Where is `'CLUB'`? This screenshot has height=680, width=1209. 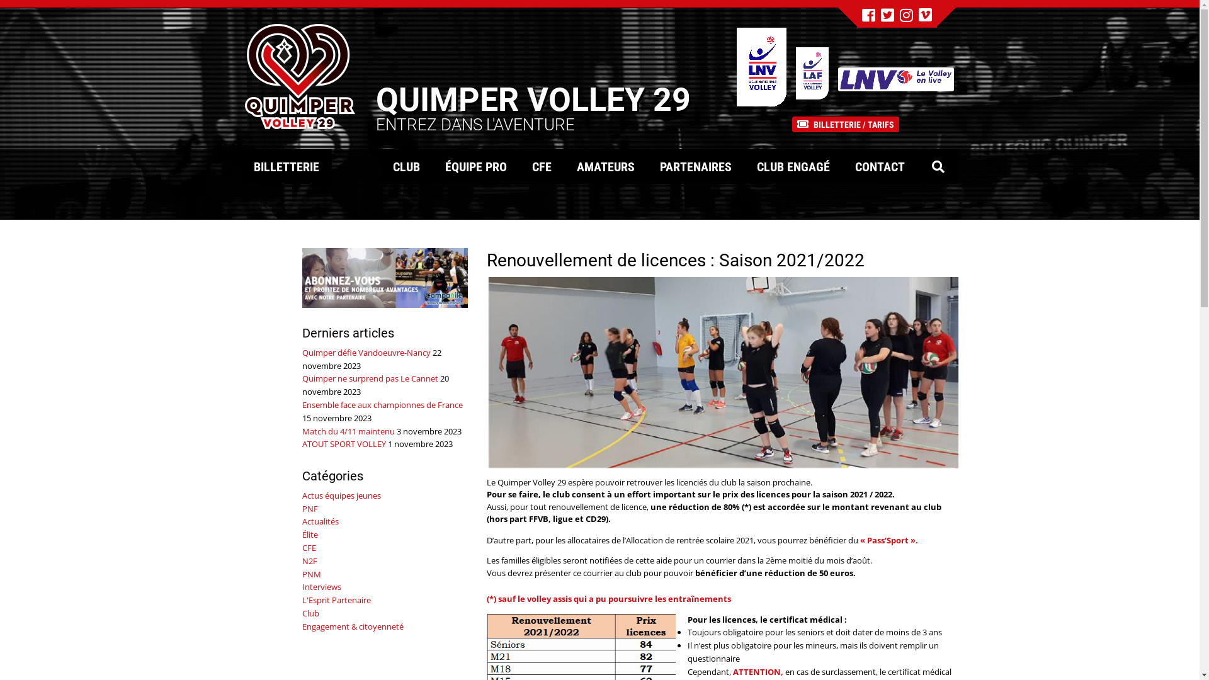 'CLUB' is located at coordinates (406, 165).